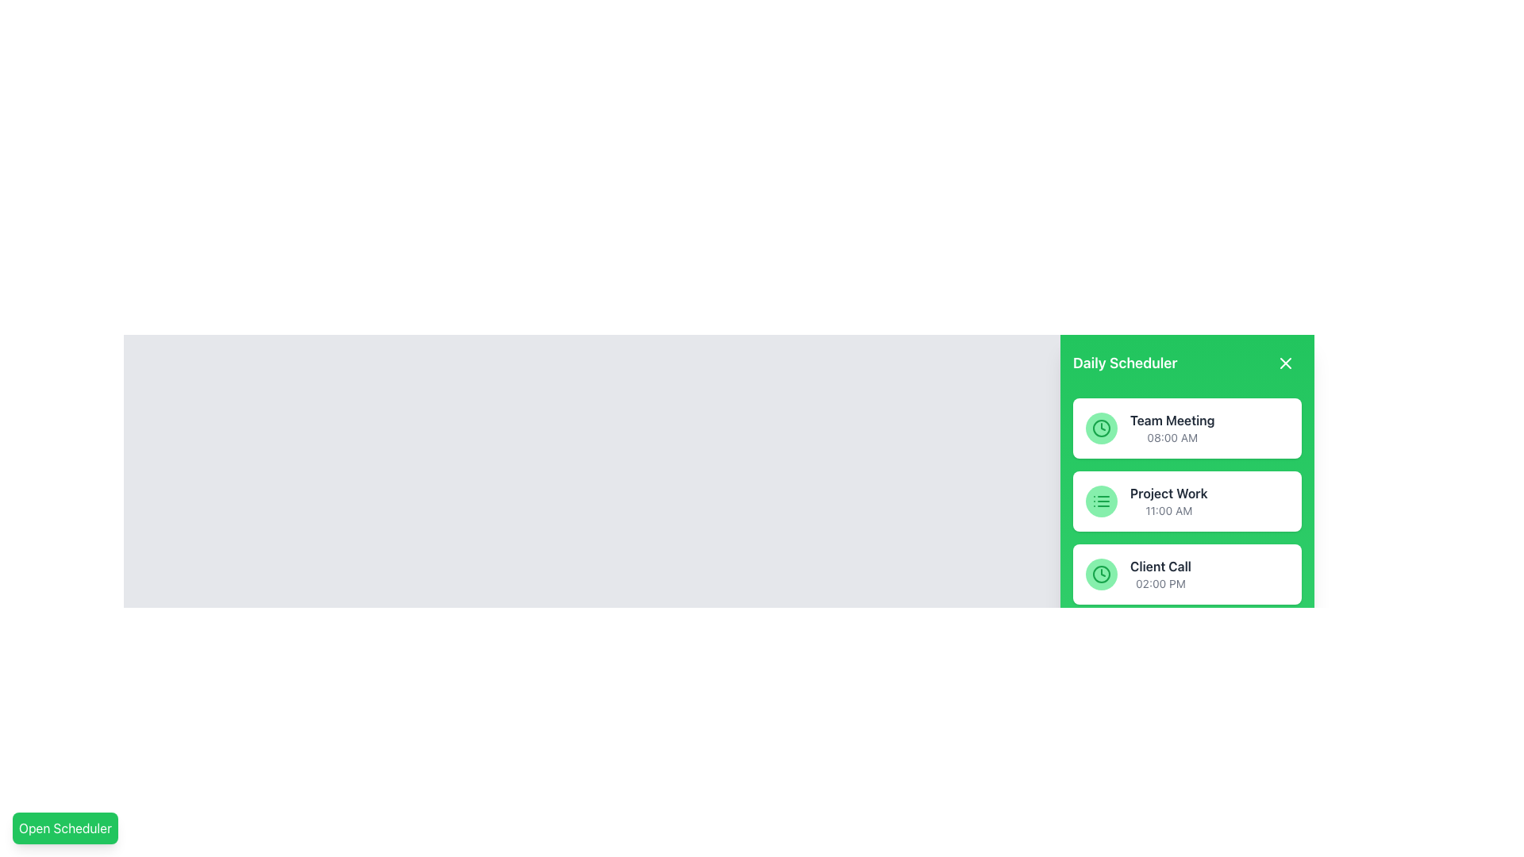 Image resolution: width=1524 pixels, height=857 pixels. I want to click on the time text label displaying '08:00 AM', which is styled in gray and positioned beneath the event title 'Team Meeting' in the 'Daily Scheduler' interface, so click(1172, 437).